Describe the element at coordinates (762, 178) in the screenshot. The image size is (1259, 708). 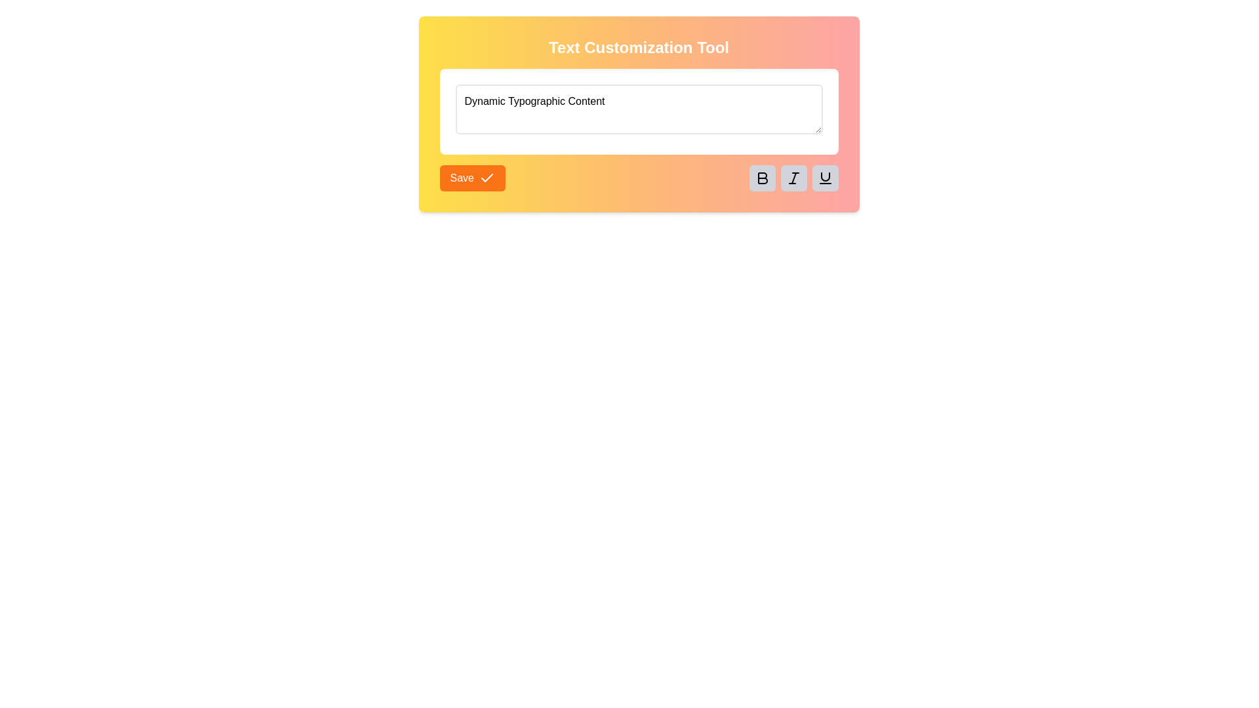
I see `the bold 'B' icon in the formatting toolbar to apply bold styling to the selected text content` at that location.